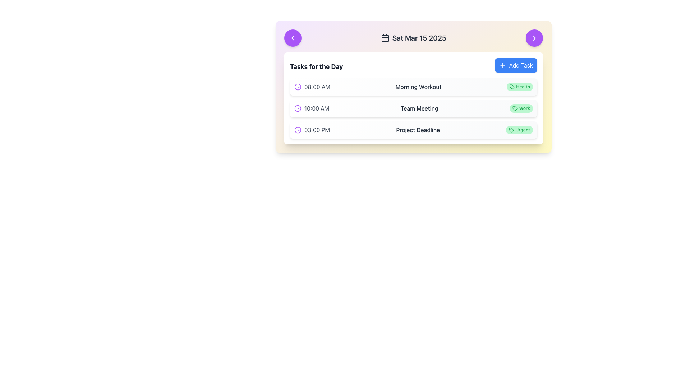  What do you see at coordinates (515, 108) in the screenshot?
I see `the icon representing the 'Team Meeting' task in the 'Tasks for the Day' section, located to the right of the time and title, which visually categorizes the task for quick identification` at bounding box center [515, 108].